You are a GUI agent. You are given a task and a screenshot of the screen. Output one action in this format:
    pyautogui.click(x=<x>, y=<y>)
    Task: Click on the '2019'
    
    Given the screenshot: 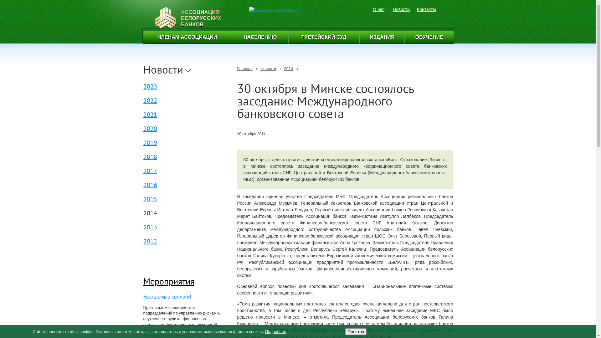 What is the action you would take?
    pyautogui.click(x=150, y=143)
    